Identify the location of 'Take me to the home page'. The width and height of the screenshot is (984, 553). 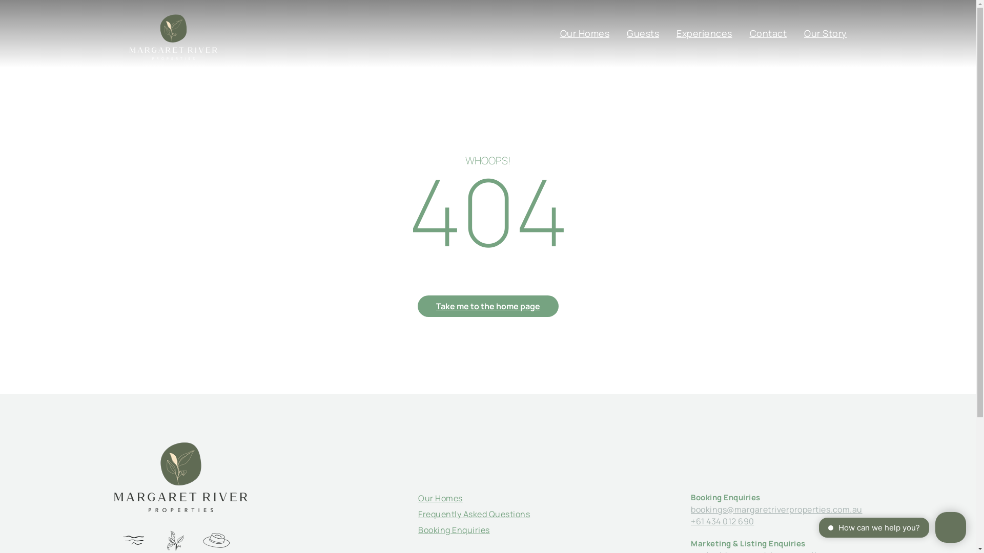
(487, 305).